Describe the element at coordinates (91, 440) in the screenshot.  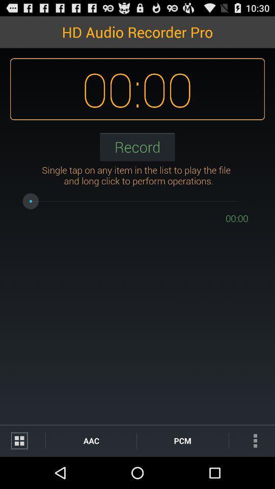
I see `icon to the left of pcm item` at that location.